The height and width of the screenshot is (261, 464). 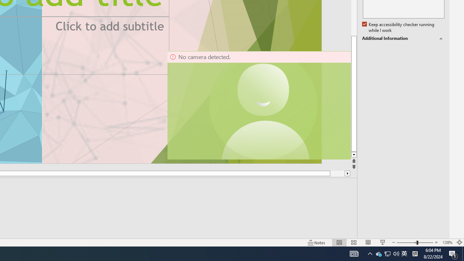 I want to click on 'Keep accessibility checker running while I work', so click(x=398, y=27).